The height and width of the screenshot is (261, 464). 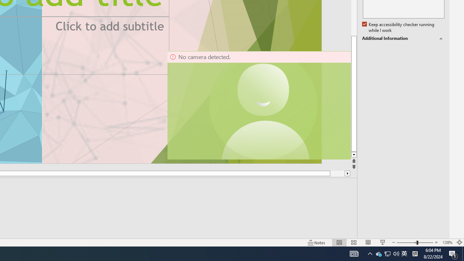 I want to click on 'Keep accessibility checker running while I work', so click(x=398, y=27).